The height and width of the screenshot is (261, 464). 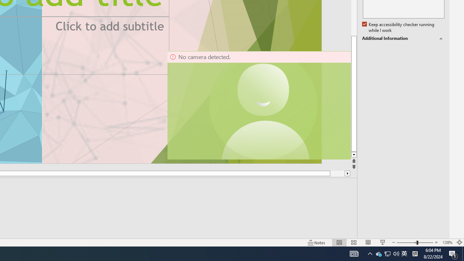 I want to click on 'Keep accessibility checker running while I work', so click(x=398, y=27).